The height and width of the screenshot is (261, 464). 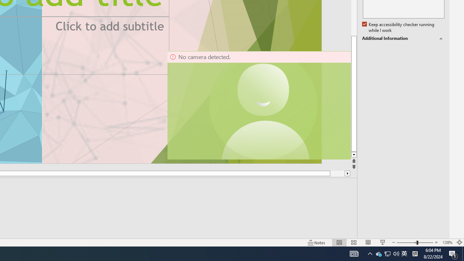 I want to click on 'Keep accessibility checker running while I work', so click(x=398, y=27).